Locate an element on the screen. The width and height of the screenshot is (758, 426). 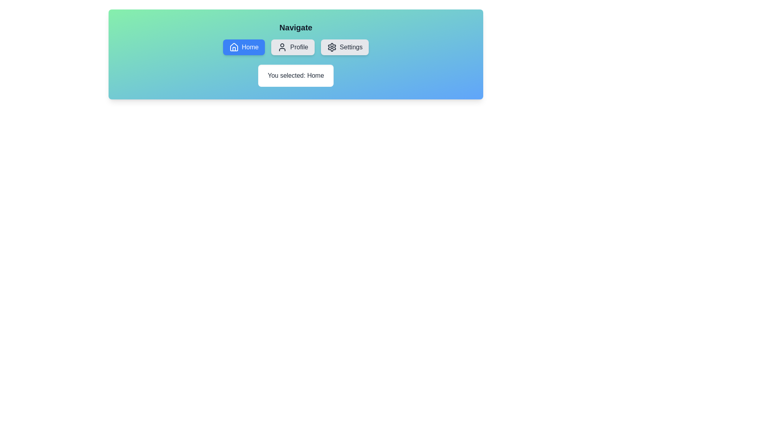
the navigation option Profile is located at coordinates (292, 47).